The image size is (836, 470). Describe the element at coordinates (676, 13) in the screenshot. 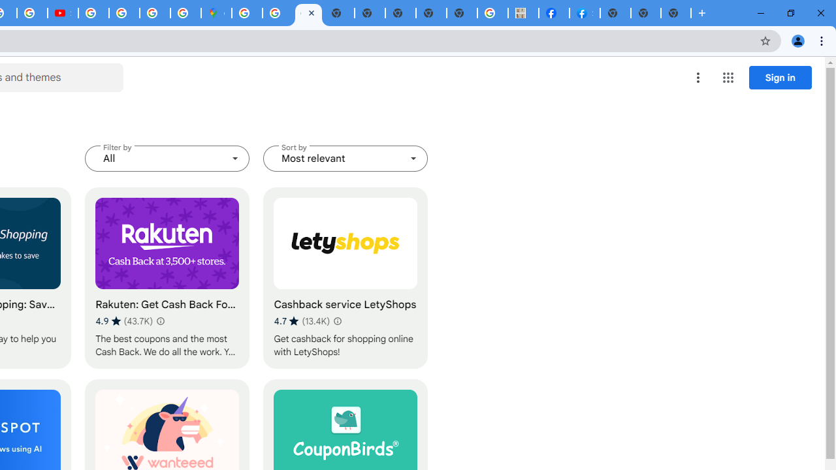

I see `'New Tab'` at that location.